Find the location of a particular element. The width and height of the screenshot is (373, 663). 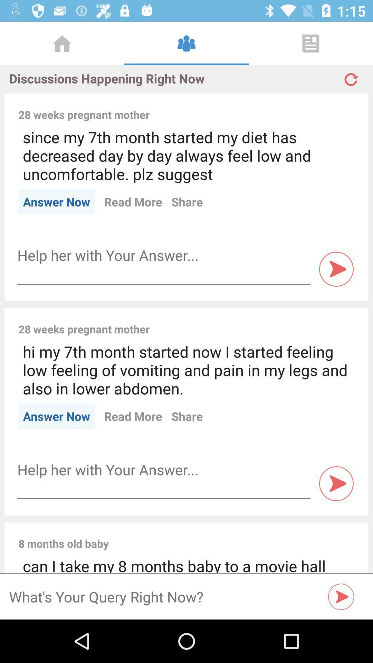

submit query is located at coordinates (341, 596).